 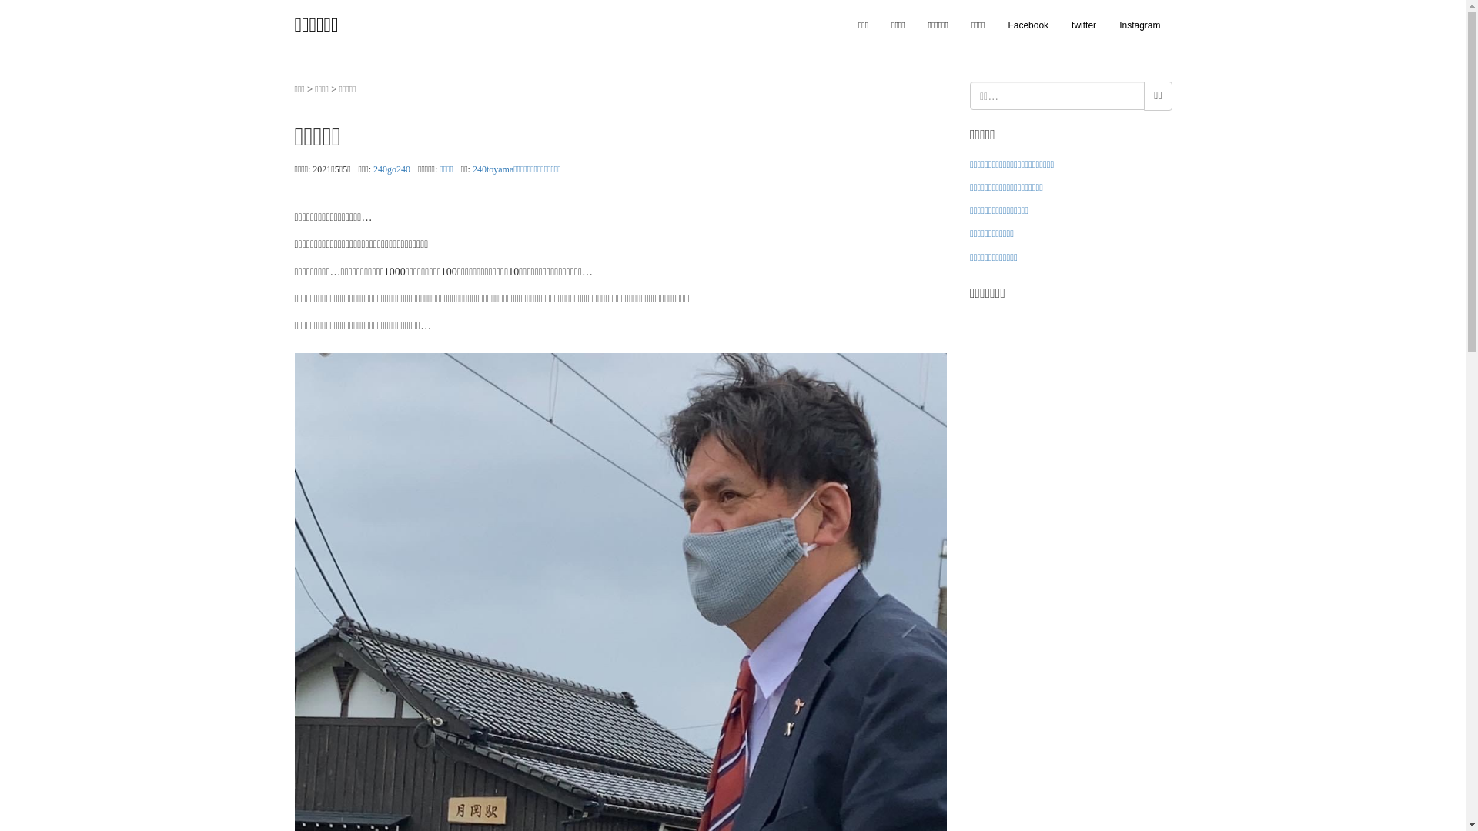 I want to click on 'twitter', so click(x=1082, y=25).